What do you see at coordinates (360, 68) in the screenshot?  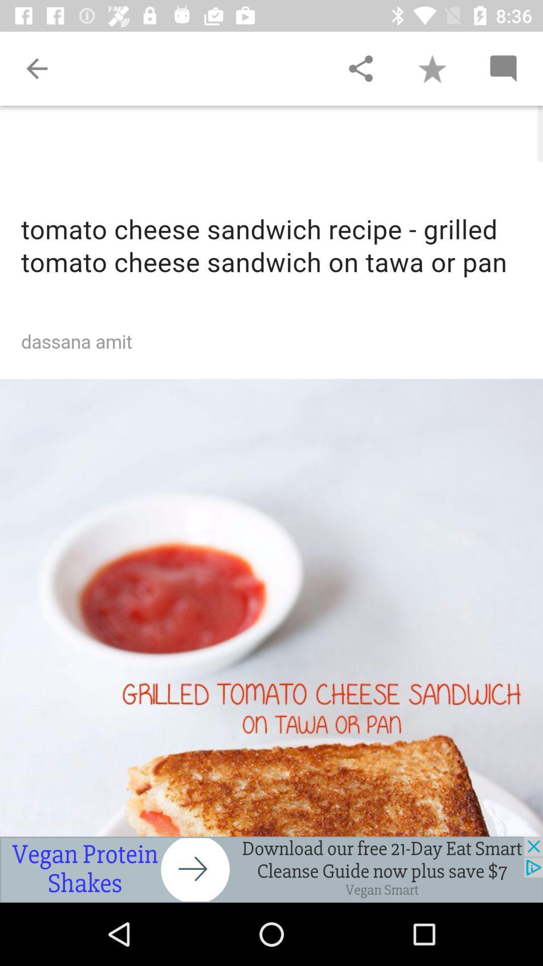 I see `share` at bounding box center [360, 68].